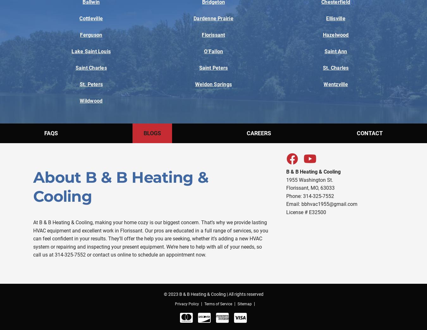  Describe the element at coordinates (335, 67) in the screenshot. I see `'St. Charles'` at that location.